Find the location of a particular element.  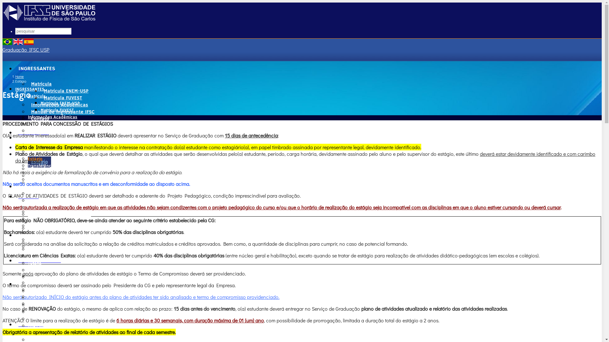

'Home' is located at coordinates (19, 76).